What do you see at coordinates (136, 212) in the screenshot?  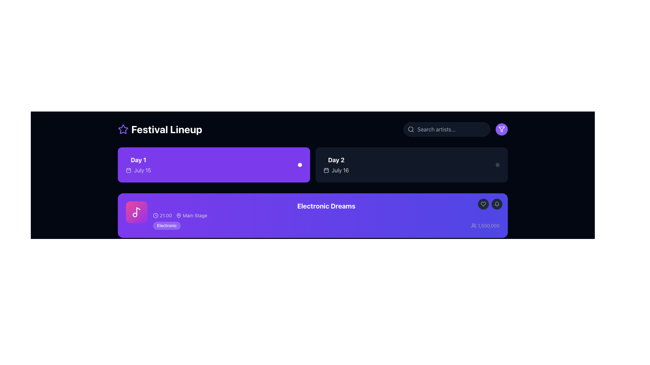 I see `the music theme icon, which is located in the upper-left section of a purple gradient block within a pink rounded square background` at bounding box center [136, 212].